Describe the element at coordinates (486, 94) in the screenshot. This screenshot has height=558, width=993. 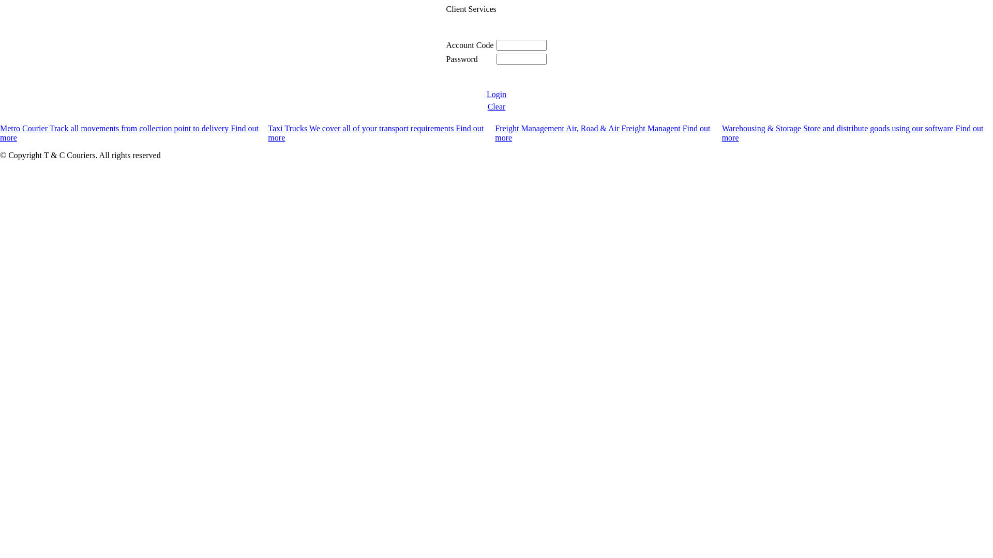
I see `'Login'` at that location.